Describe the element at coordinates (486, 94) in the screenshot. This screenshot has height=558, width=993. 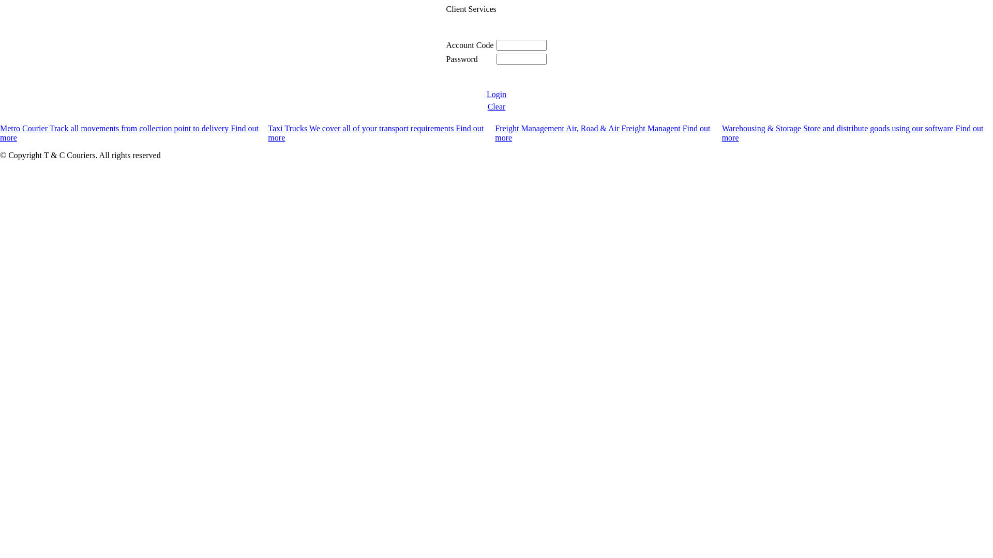
I see `'Login'` at that location.